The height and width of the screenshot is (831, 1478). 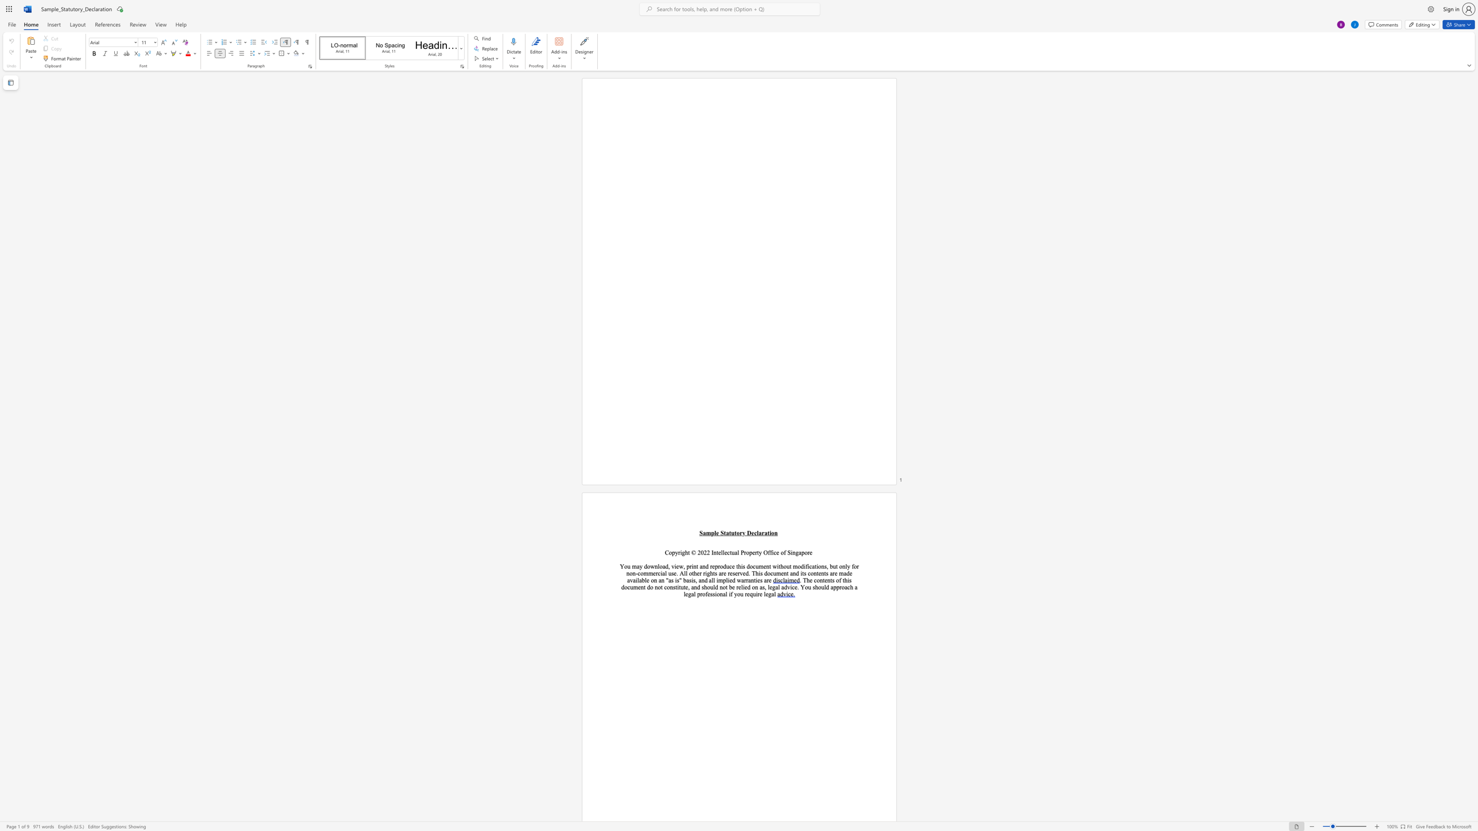 What do you see at coordinates (761, 533) in the screenshot?
I see `the subset text "rati" within the text "Sample Statutory Declaration"` at bounding box center [761, 533].